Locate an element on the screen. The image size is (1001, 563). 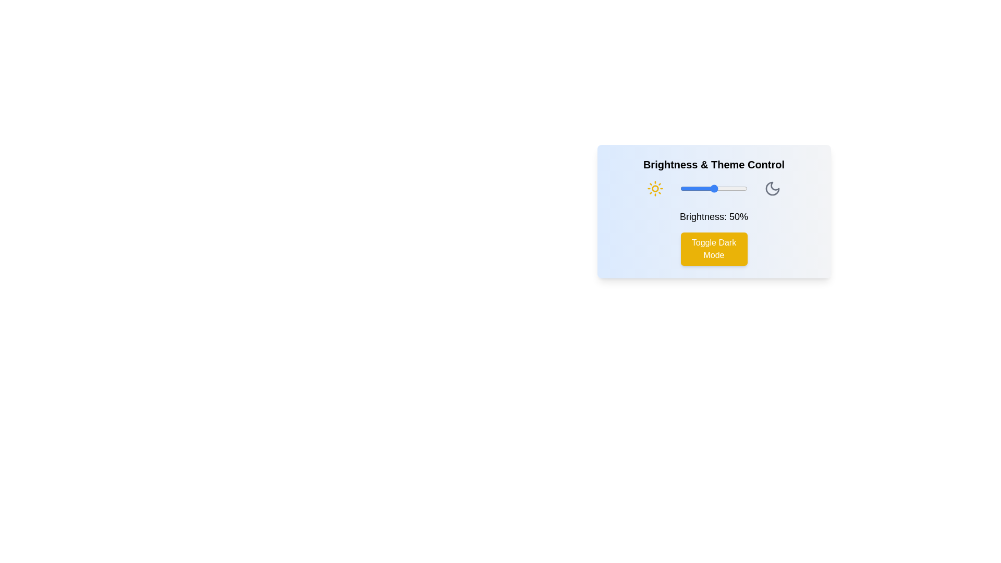
the brightness level to 72% by dragging the slider is located at coordinates (728, 189).